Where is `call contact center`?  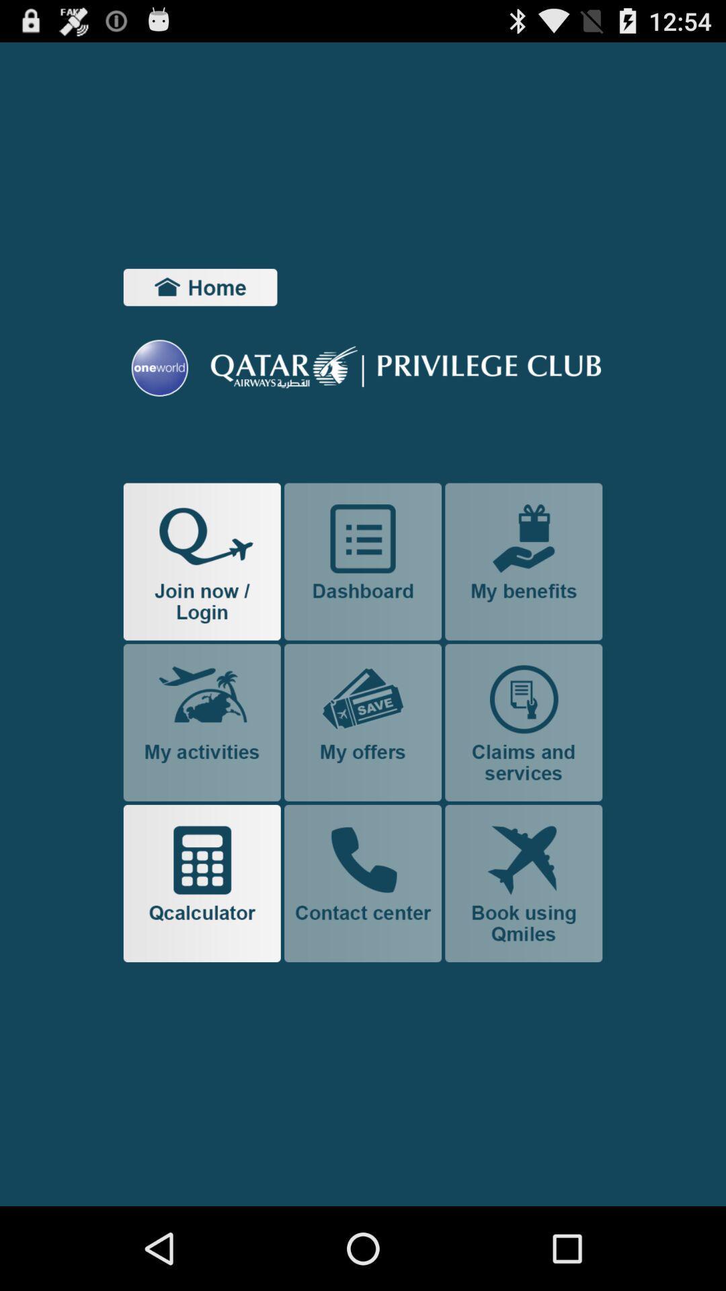 call contact center is located at coordinates (363, 884).